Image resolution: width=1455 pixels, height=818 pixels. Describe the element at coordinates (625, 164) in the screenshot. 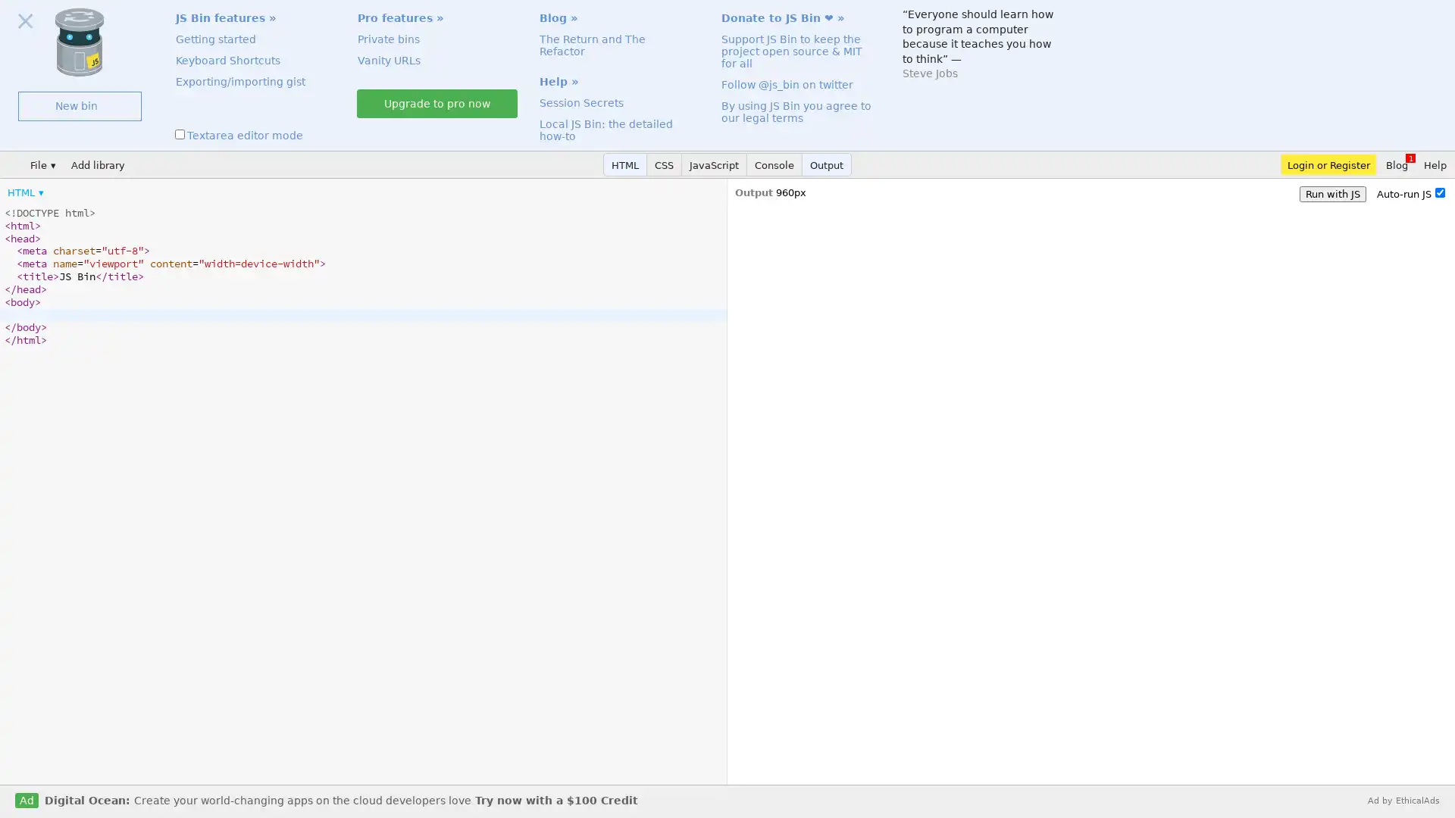

I see `HTML Panel: Active` at that location.